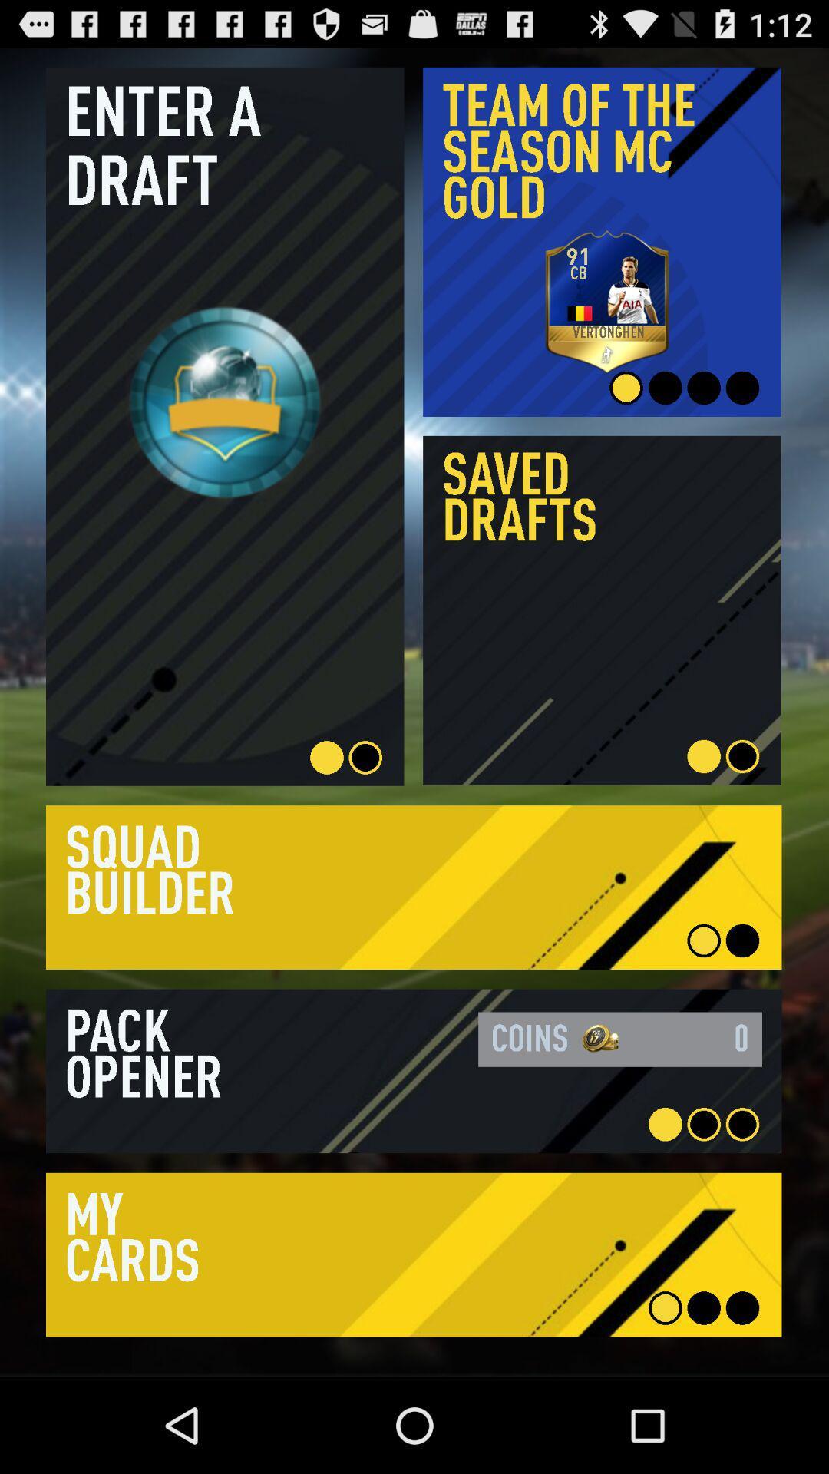 This screenshot has width=829, height=1474. I want to click on saved drafts, so click(601, 610).